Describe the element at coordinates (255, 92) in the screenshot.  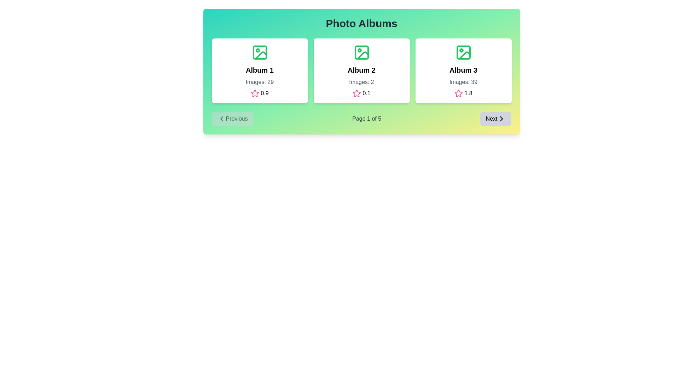
I see `the star icon located beneath the text '0.9' in the first album card under 'Photo Albums' to rate or interact with the album` at that location.